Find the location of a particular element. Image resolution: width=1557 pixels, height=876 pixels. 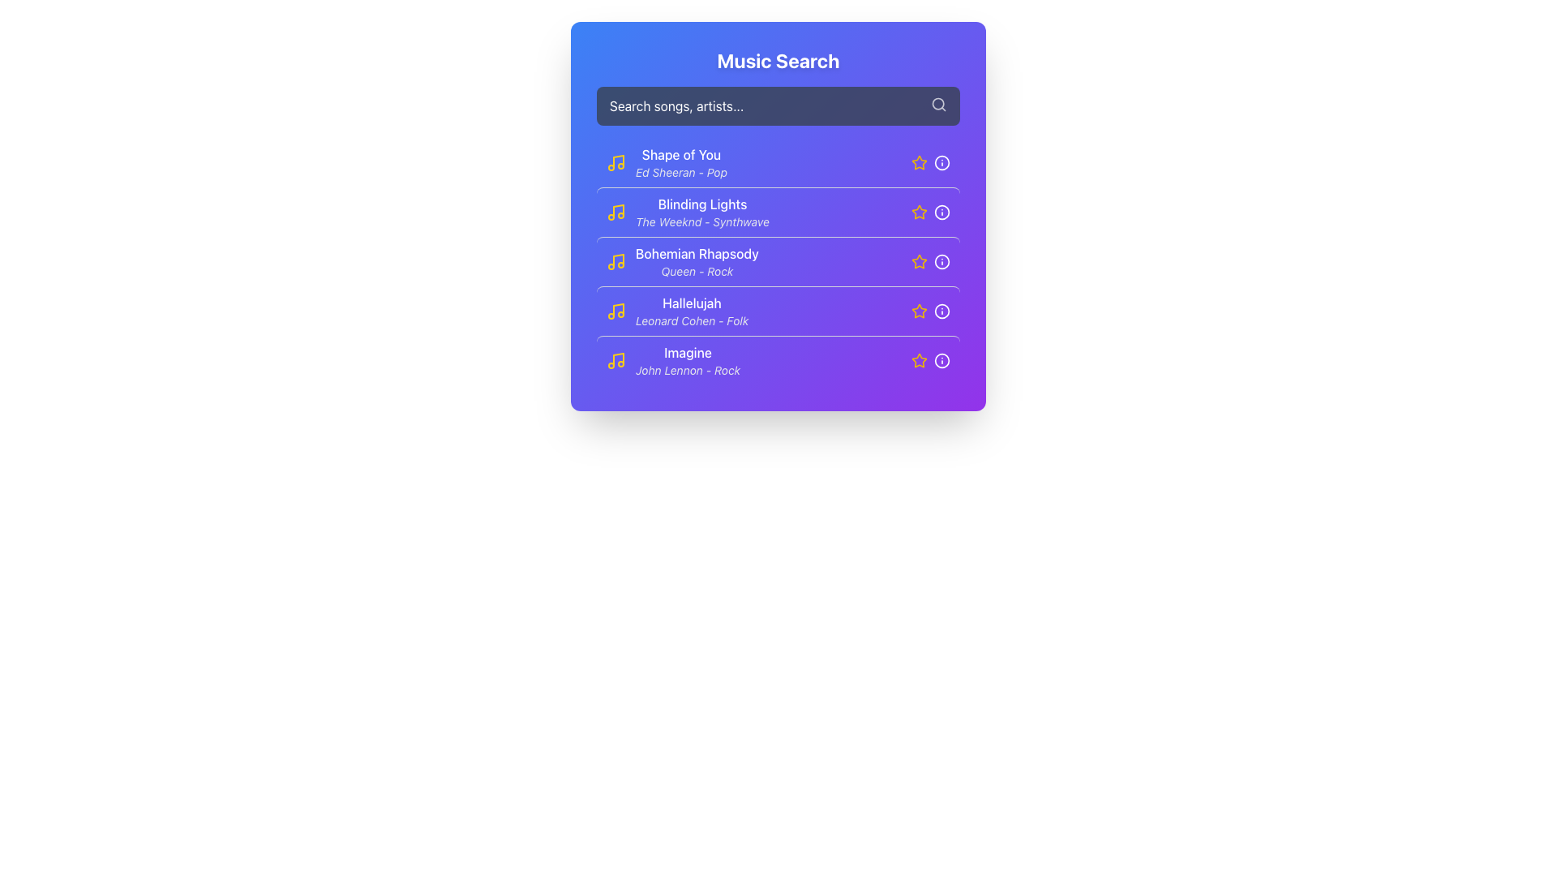

the text element displaying 'Shape of You' is located at coordinates (681, 155).